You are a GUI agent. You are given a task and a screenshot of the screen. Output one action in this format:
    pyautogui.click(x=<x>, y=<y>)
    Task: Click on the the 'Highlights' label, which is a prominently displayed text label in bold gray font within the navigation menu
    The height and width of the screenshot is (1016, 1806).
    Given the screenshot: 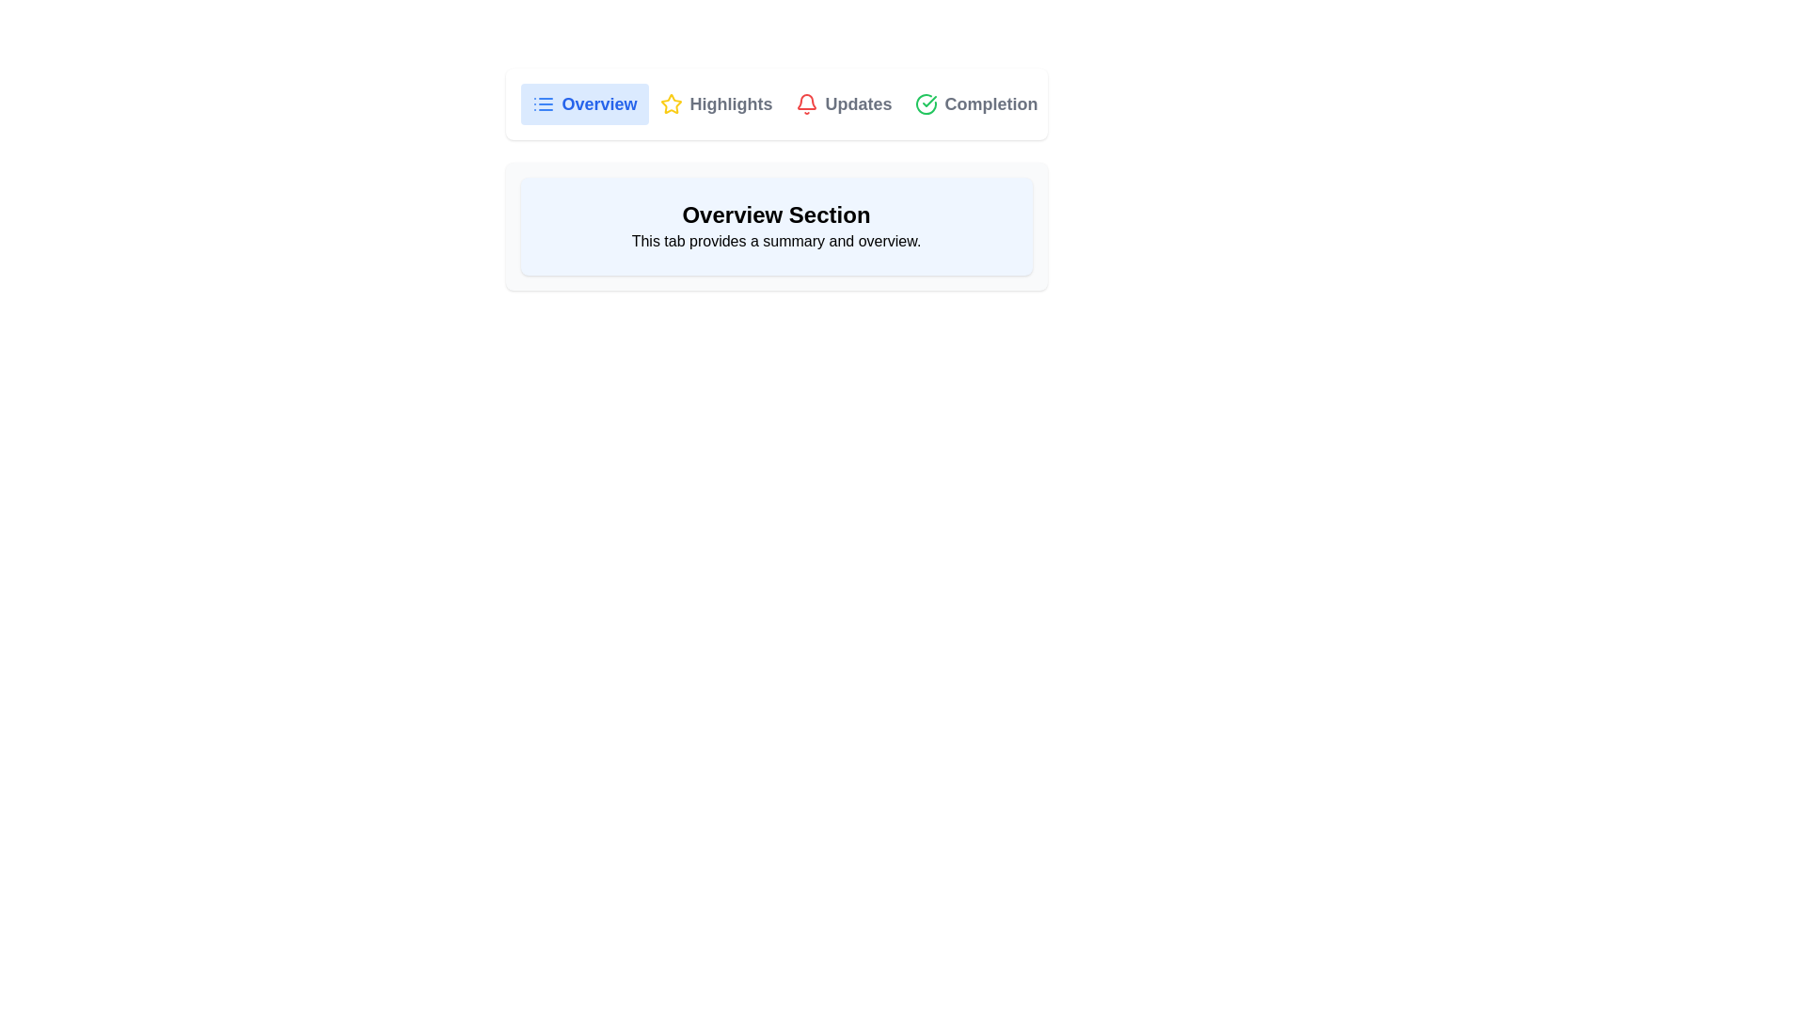 What is the action you would take?
    pyautogui.click(x=730, y=104)
    